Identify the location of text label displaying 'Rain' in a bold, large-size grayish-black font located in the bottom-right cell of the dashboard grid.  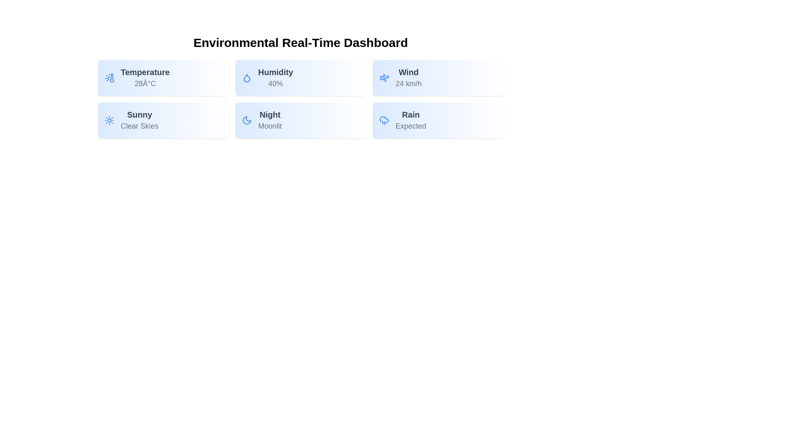
(411, 115).